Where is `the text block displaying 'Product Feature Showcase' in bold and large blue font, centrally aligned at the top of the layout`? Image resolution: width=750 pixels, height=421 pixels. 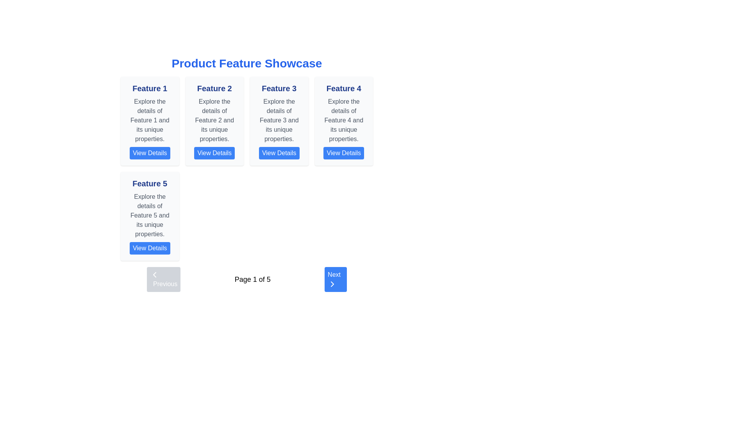
the text block displaying 'Product Feature Showcase' in bold and large blue font, centrally aligned at the top of the layout is located at coordinates (246, 63).